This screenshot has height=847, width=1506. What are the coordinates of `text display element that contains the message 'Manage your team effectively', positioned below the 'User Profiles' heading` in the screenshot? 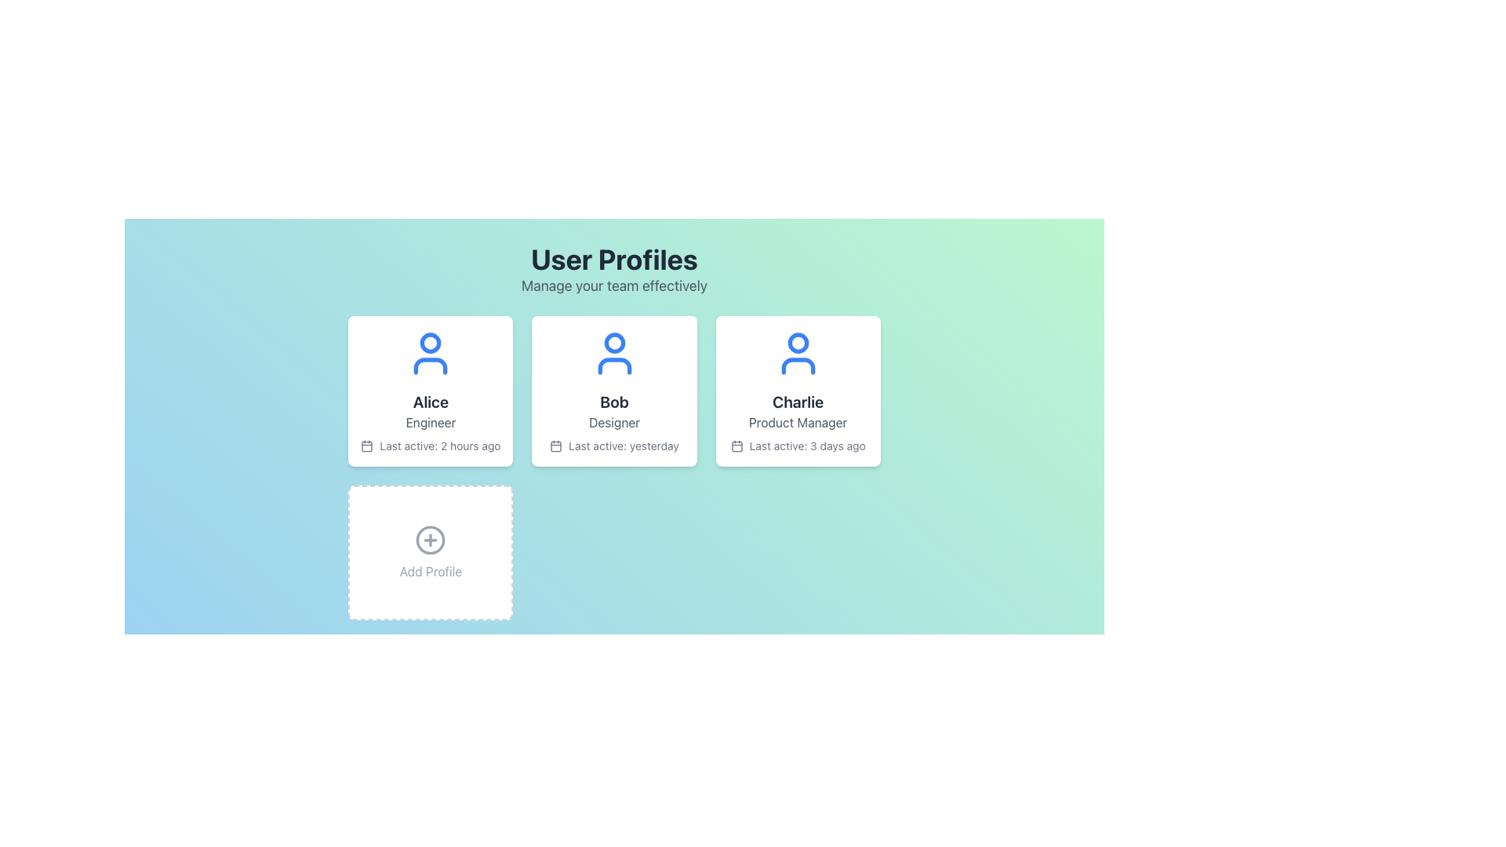 It's located at (613, 286).